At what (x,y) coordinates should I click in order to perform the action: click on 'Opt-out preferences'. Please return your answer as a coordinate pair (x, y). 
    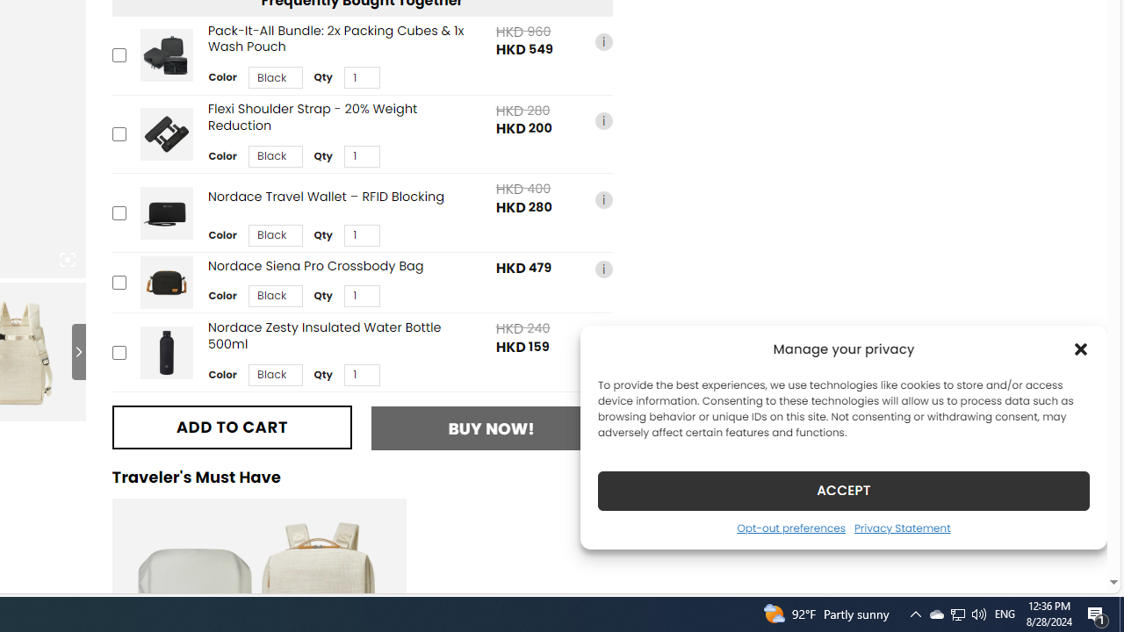
    Looking at the image, I should click on (789, 527).